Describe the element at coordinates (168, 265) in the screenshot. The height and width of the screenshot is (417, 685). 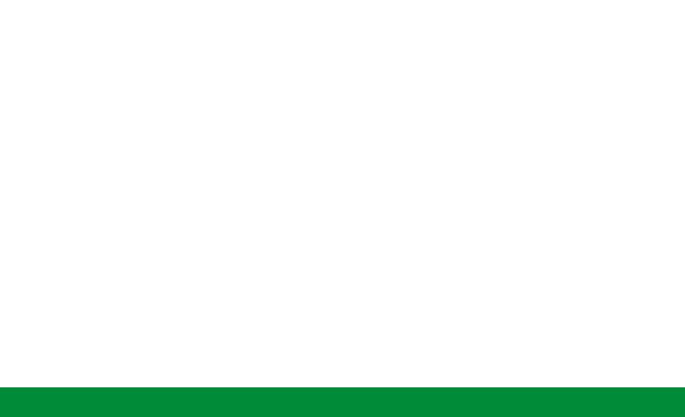
I see `'Continuous insulation with a stable and permanent insulation value'` at that location.